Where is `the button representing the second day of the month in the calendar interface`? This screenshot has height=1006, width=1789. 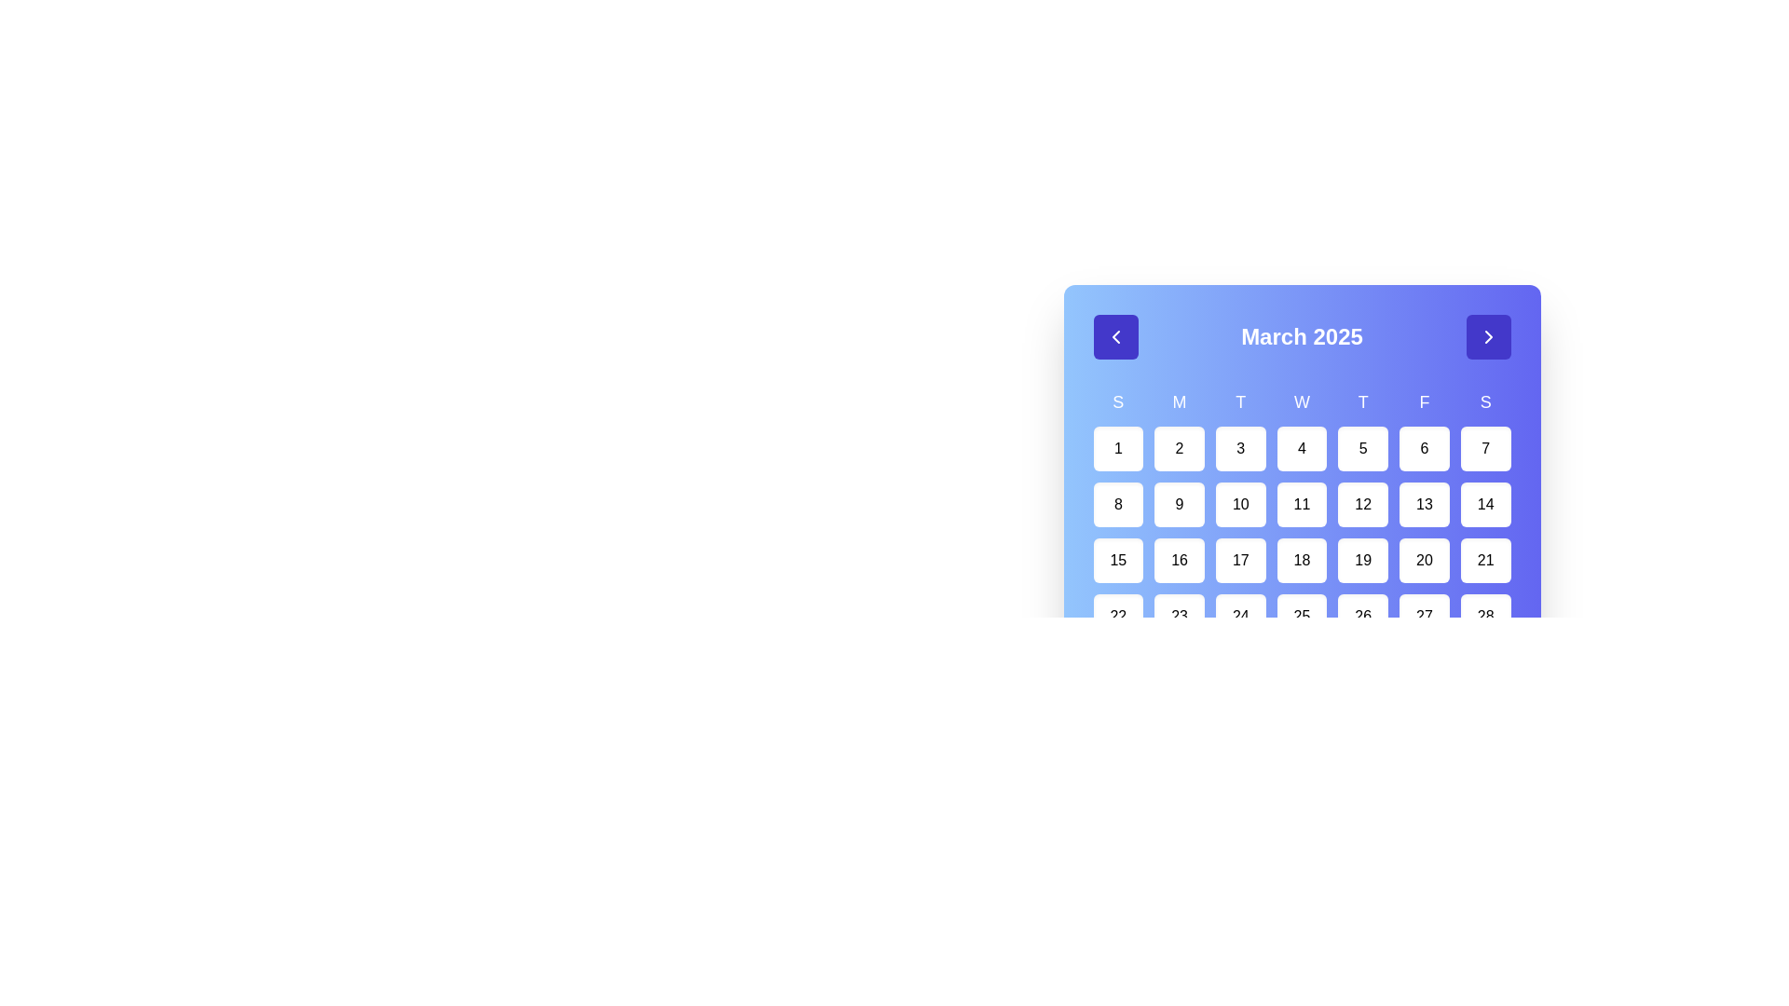
the button representing the second day of the month in the calendar interface is located at coordinates (1179, 449).